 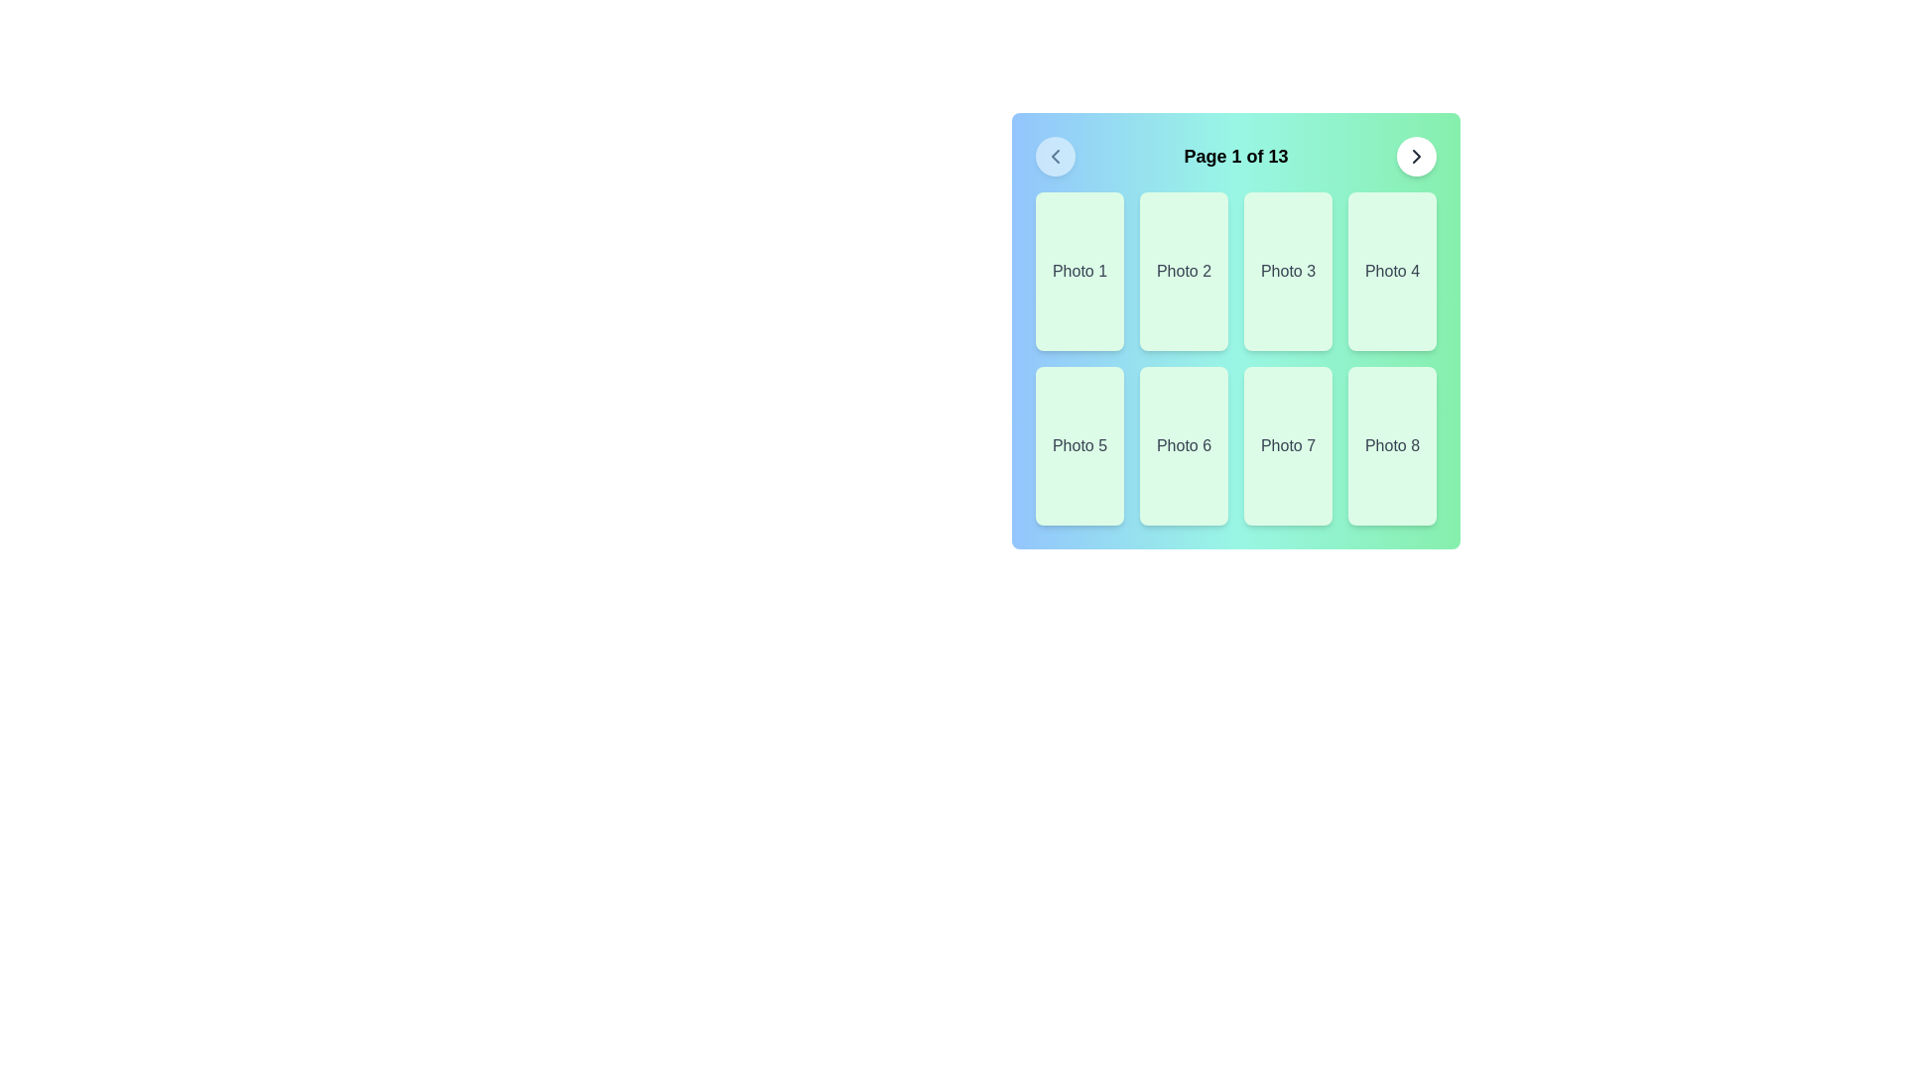 I want to click on the card component with the light green background and the text 'Photo 7' located in the second row and third column of the grid layout, so click(x=1288, y=446).